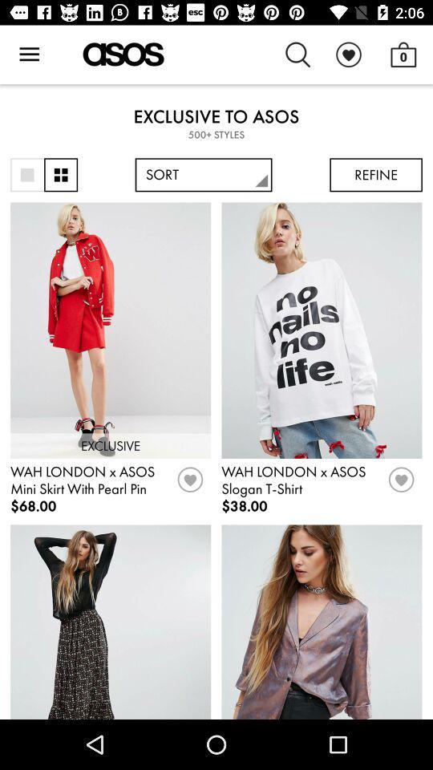  What do you see at coordinates (403, 55) in the screenshot?
I see `the bag button which is at the top right` at bounding box center [403, 55].